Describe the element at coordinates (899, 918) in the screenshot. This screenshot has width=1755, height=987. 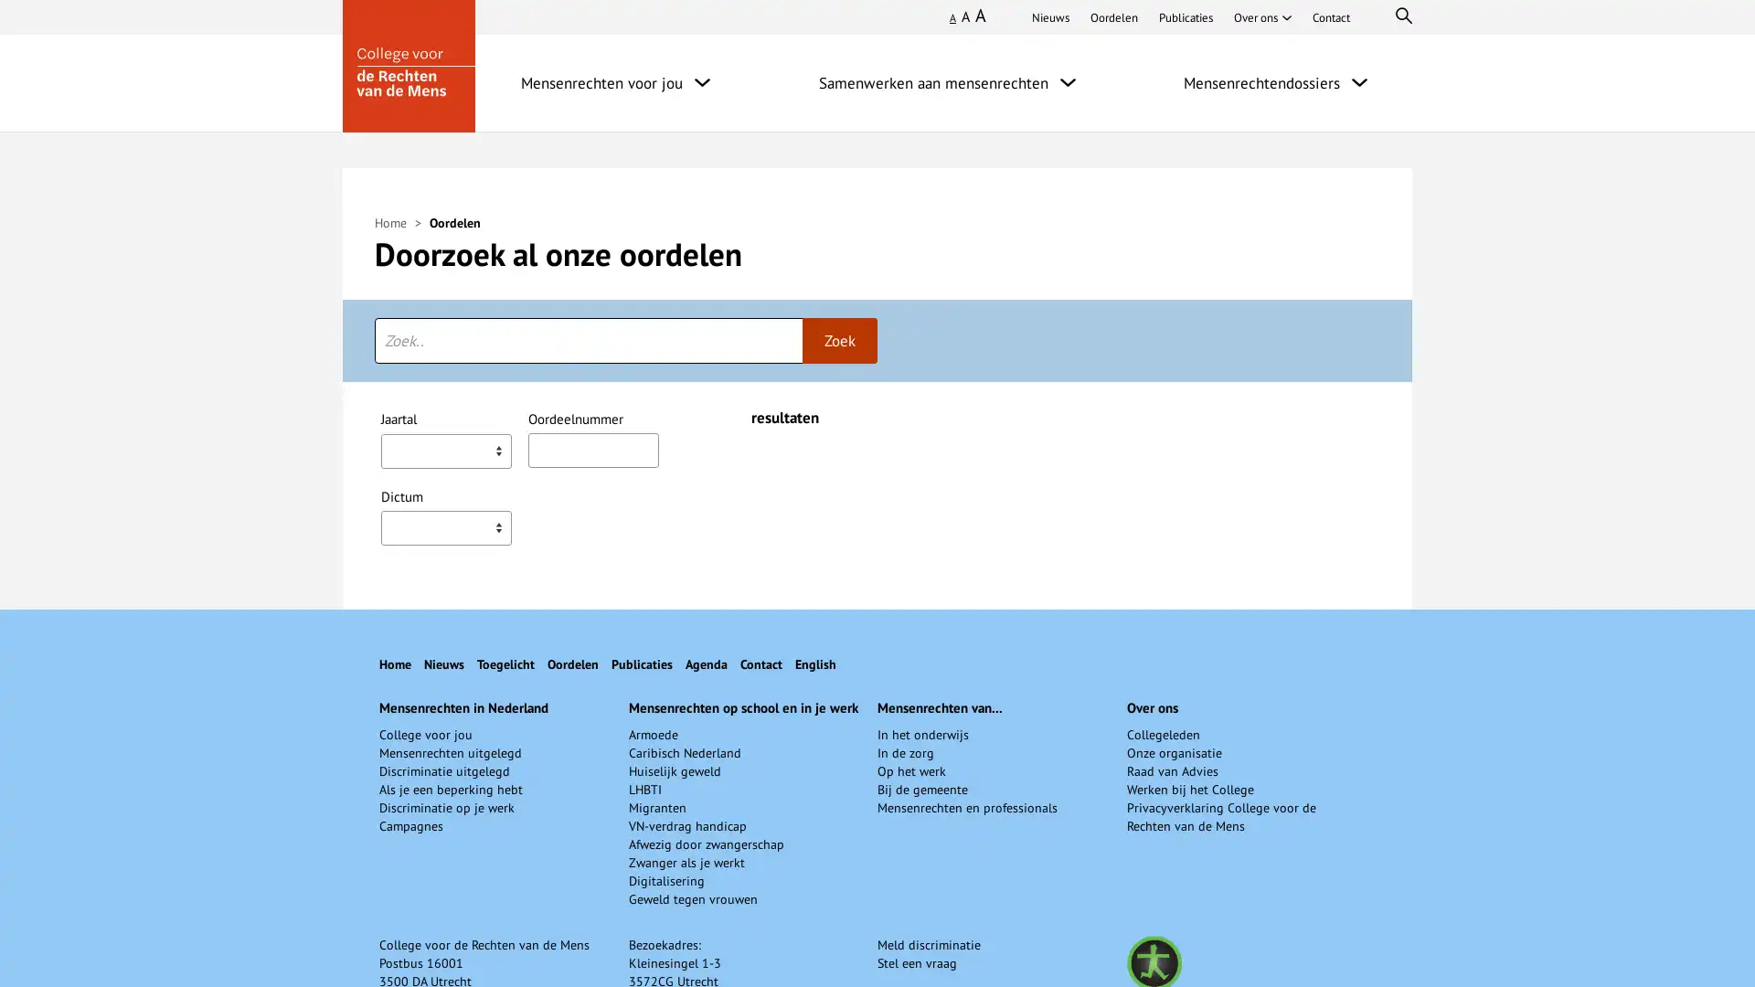
I see `Aangaan arbeidsverhouding,` at that location.